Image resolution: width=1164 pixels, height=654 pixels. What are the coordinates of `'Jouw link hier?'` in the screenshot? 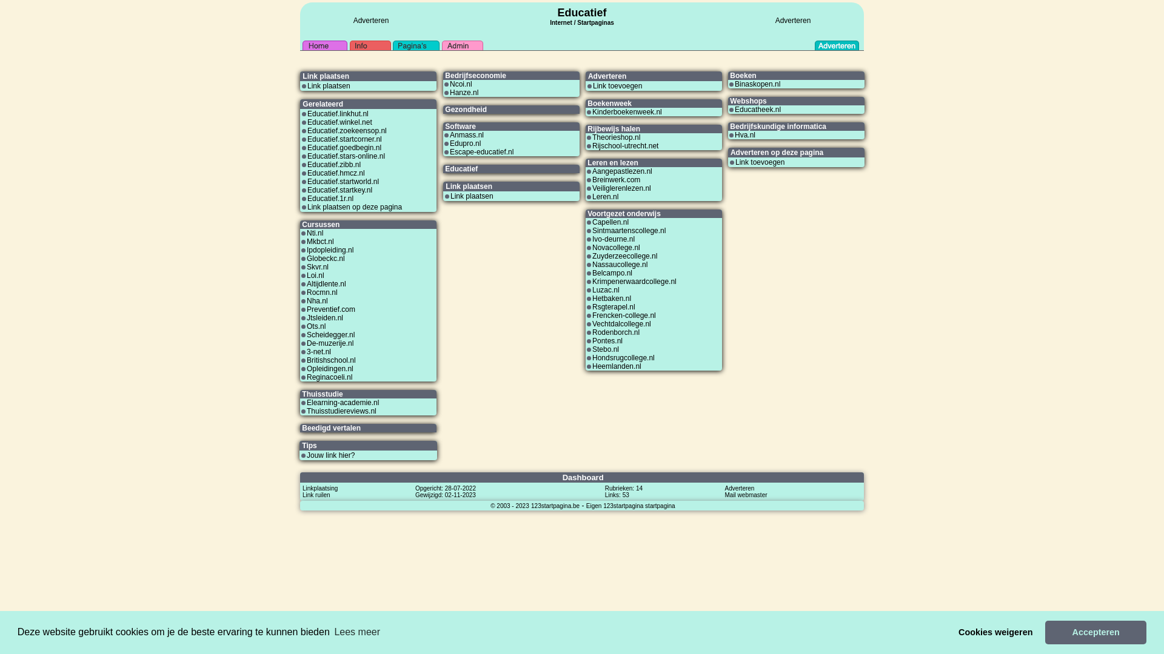 It's located at (306, 455).